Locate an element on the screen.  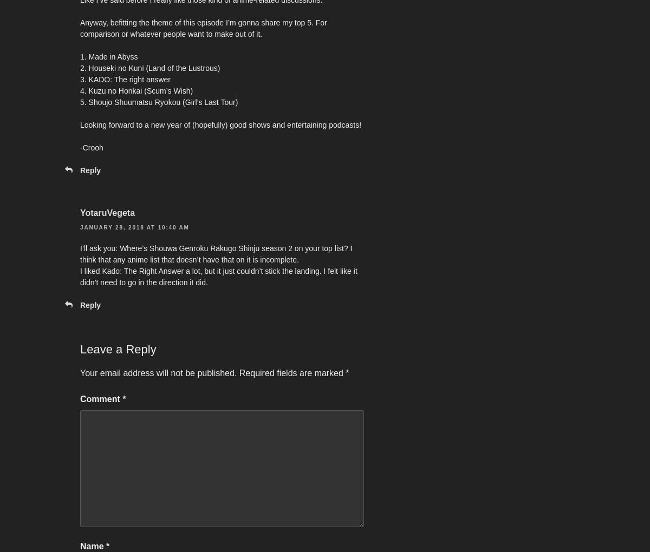
'January 28, 2018 at 10:40 am' is located at coordinates (134, 227).